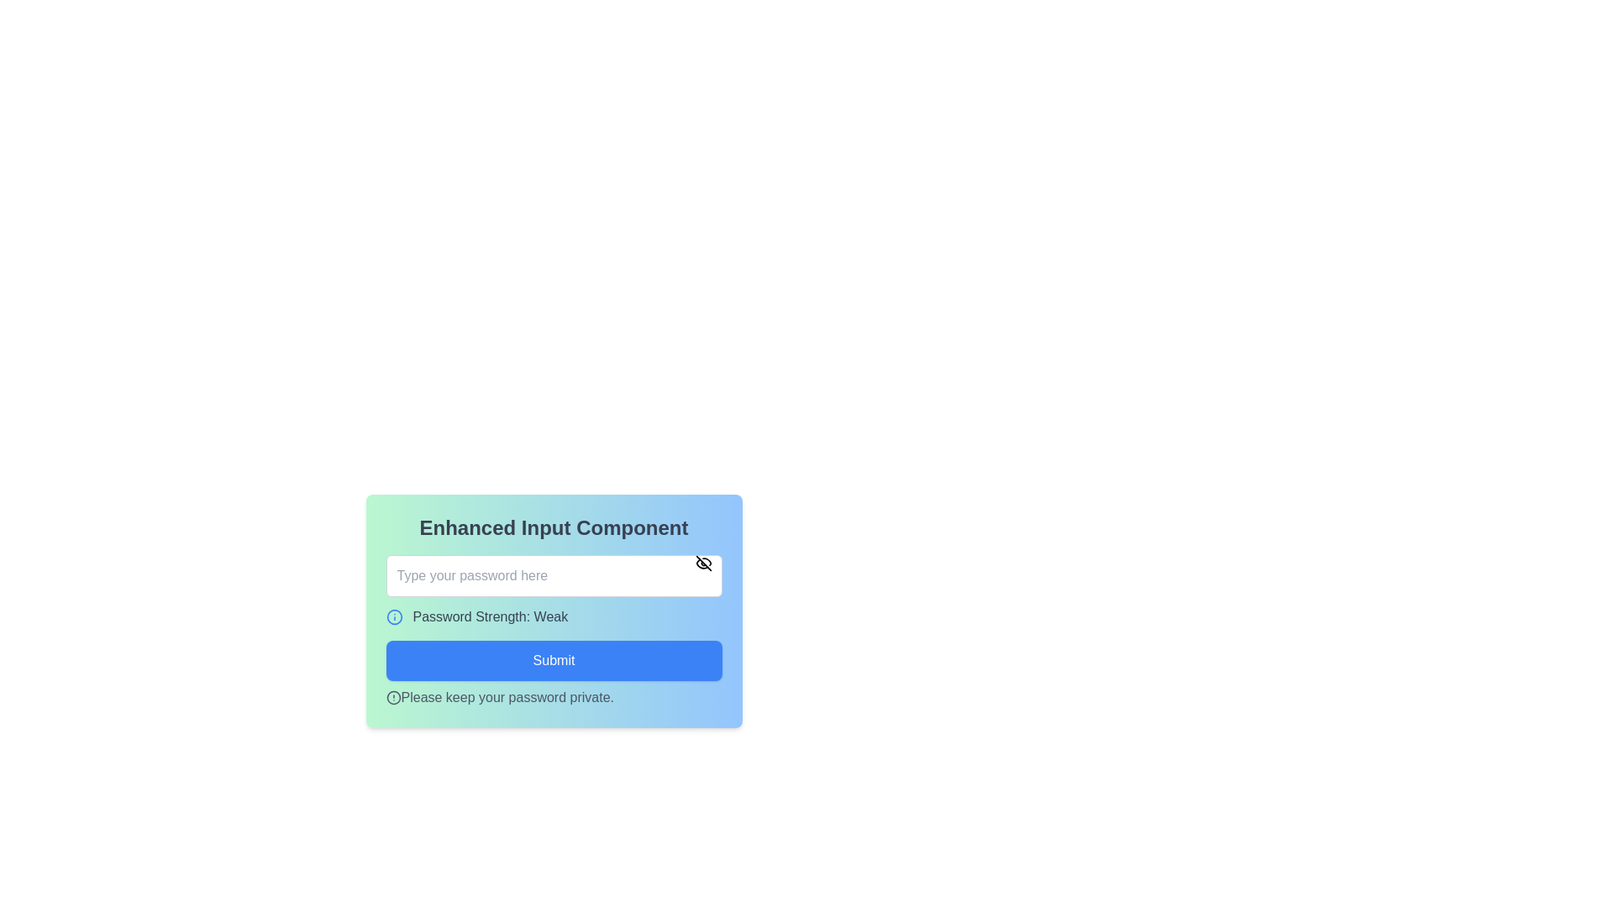 The width and height of the screenshot is (1613, 907). Describe the element at coordinates (554, 697) in the screenshot. I see `the informational text element that provides a cautionary message about password security, located below the 'Submit' button of the 'Enhanced Input Component' interface` at that location.